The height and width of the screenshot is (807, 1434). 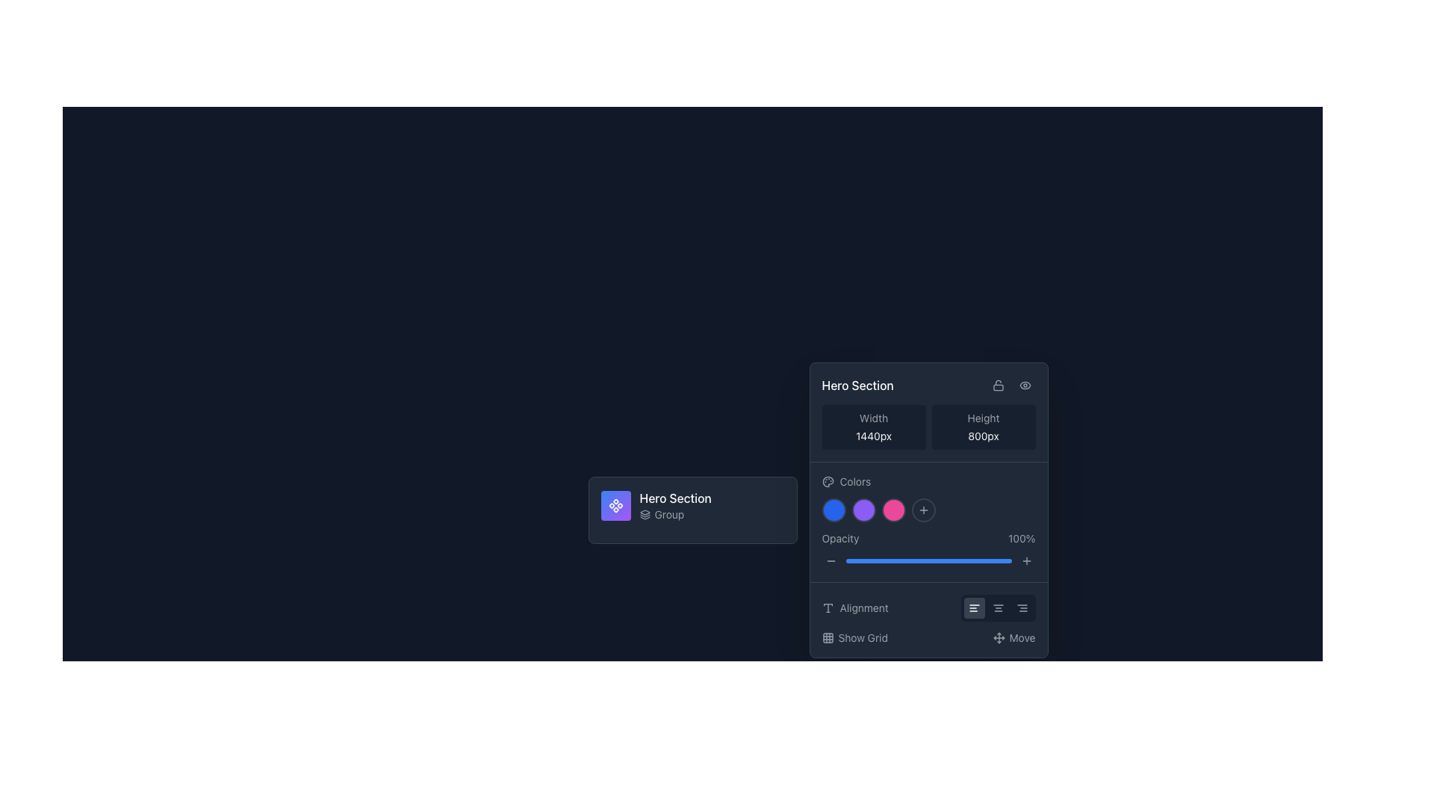 I want to click on the button with an icon and text in the bottom section of the 'Hero Section' settings panel, so click(x=854, y=637).